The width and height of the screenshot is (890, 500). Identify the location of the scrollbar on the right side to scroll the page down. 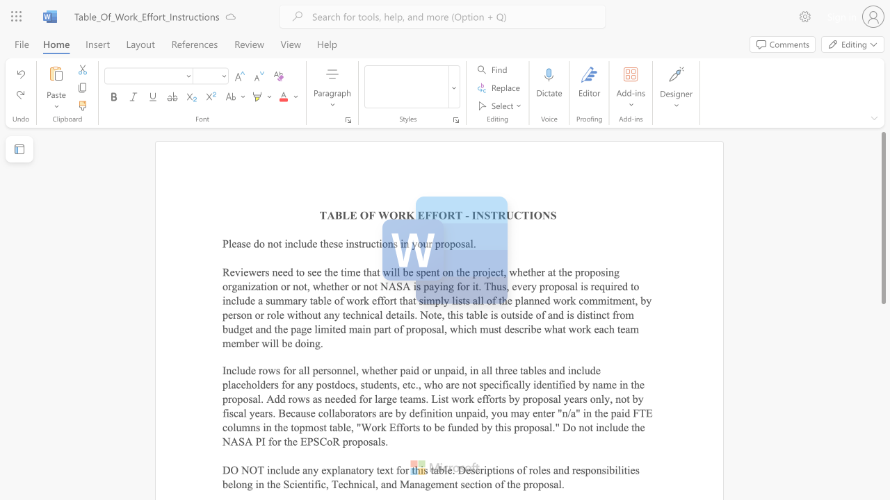
(882, 408).